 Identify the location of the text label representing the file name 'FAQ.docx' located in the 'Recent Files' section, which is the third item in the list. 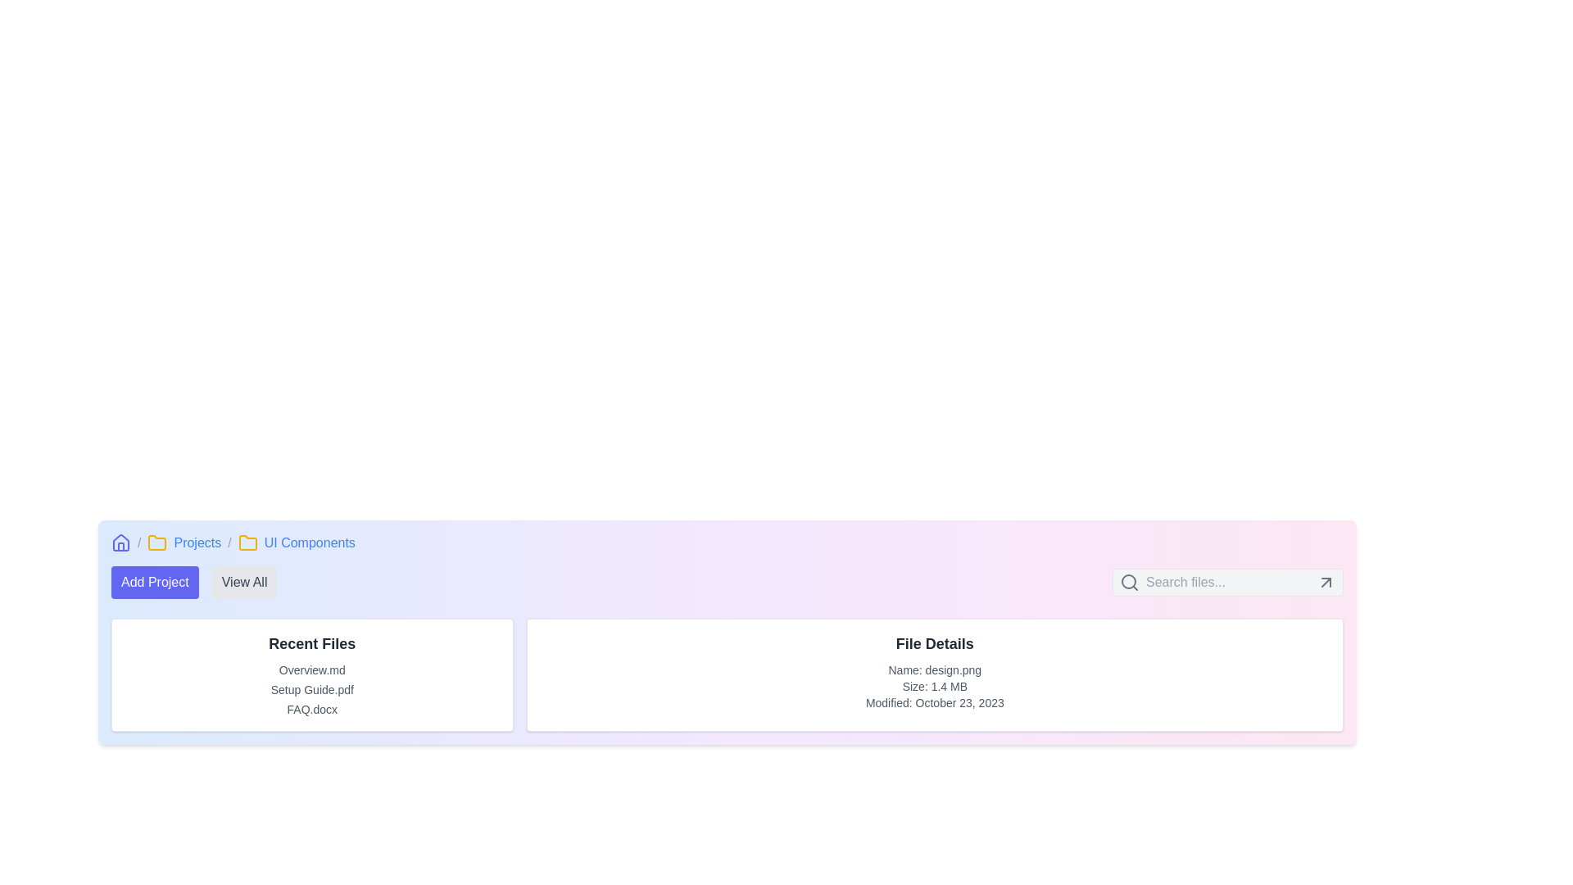
(312, 709).